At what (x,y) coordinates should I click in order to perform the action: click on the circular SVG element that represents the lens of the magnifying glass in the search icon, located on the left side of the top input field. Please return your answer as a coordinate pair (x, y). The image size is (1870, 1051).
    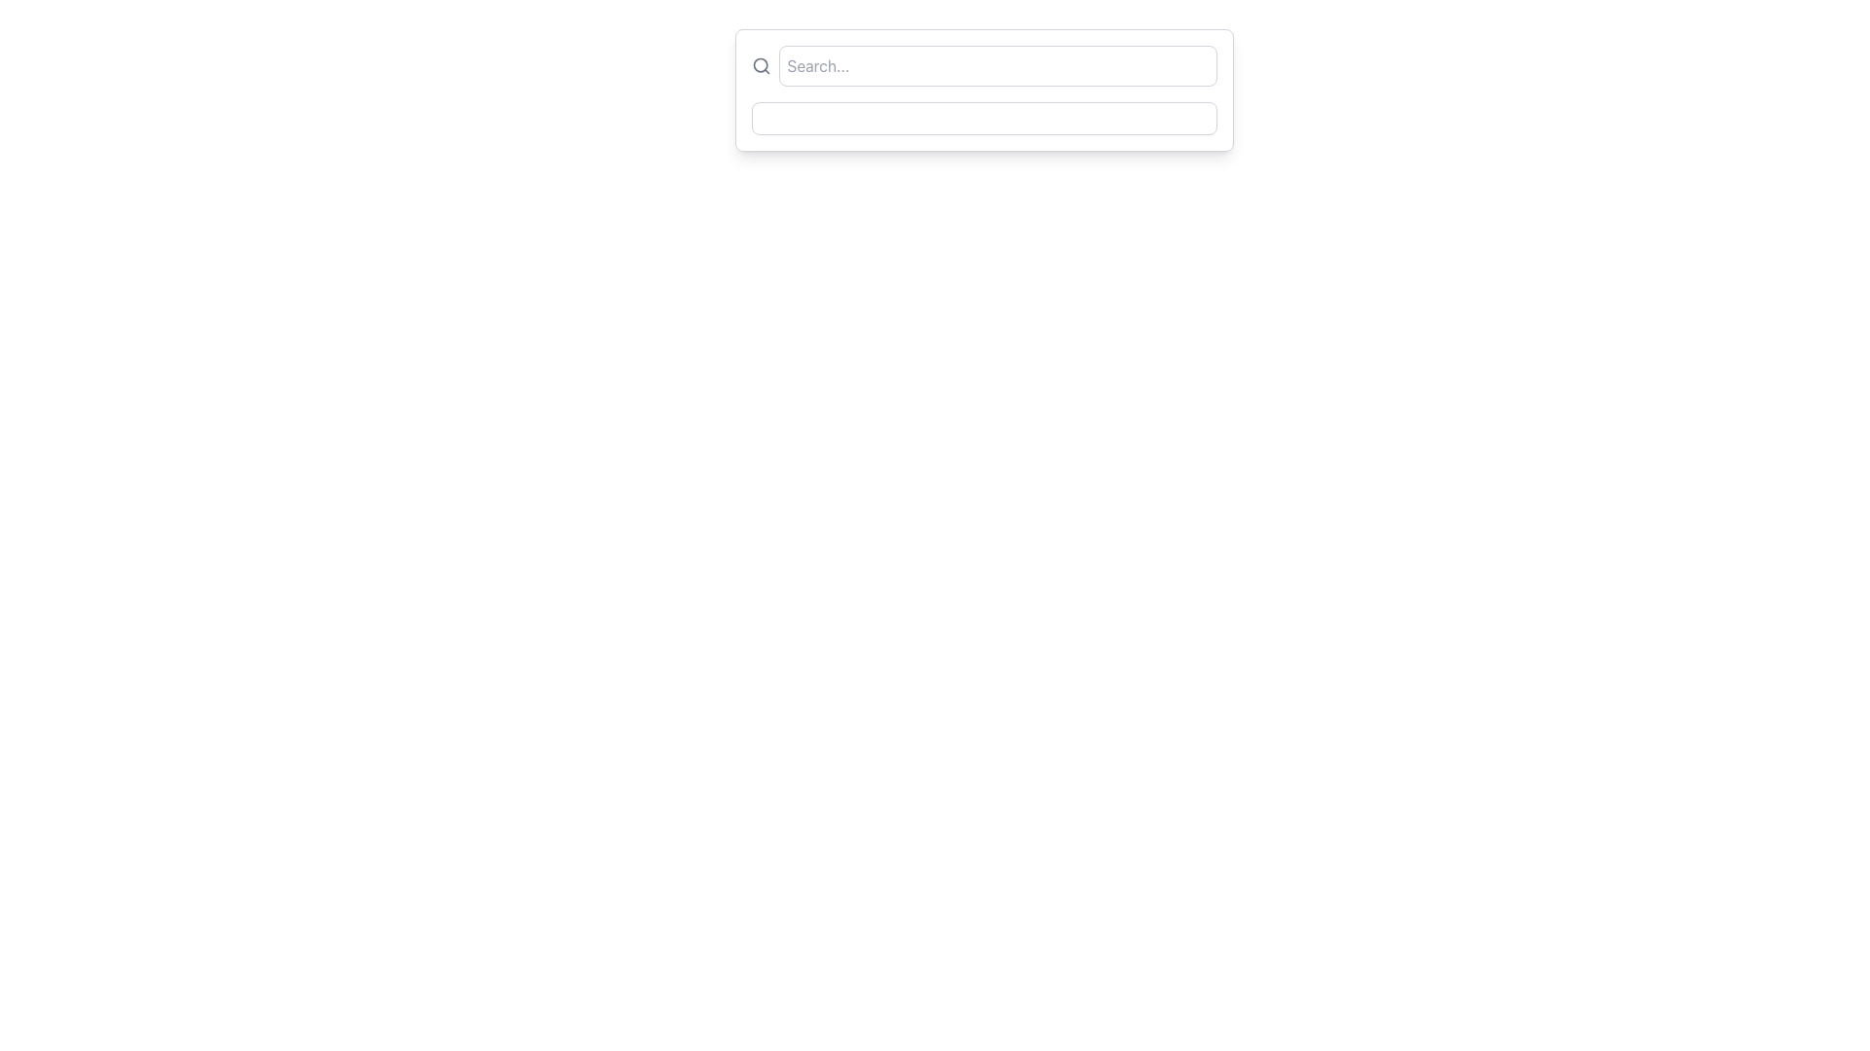
    Looking at the image, I should click on (759, 64).